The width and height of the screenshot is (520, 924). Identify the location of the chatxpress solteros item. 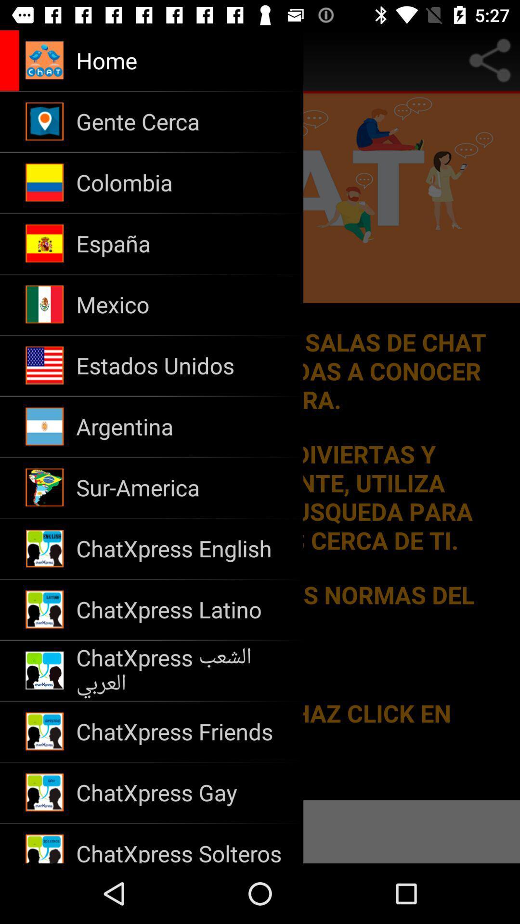
(183, 843).